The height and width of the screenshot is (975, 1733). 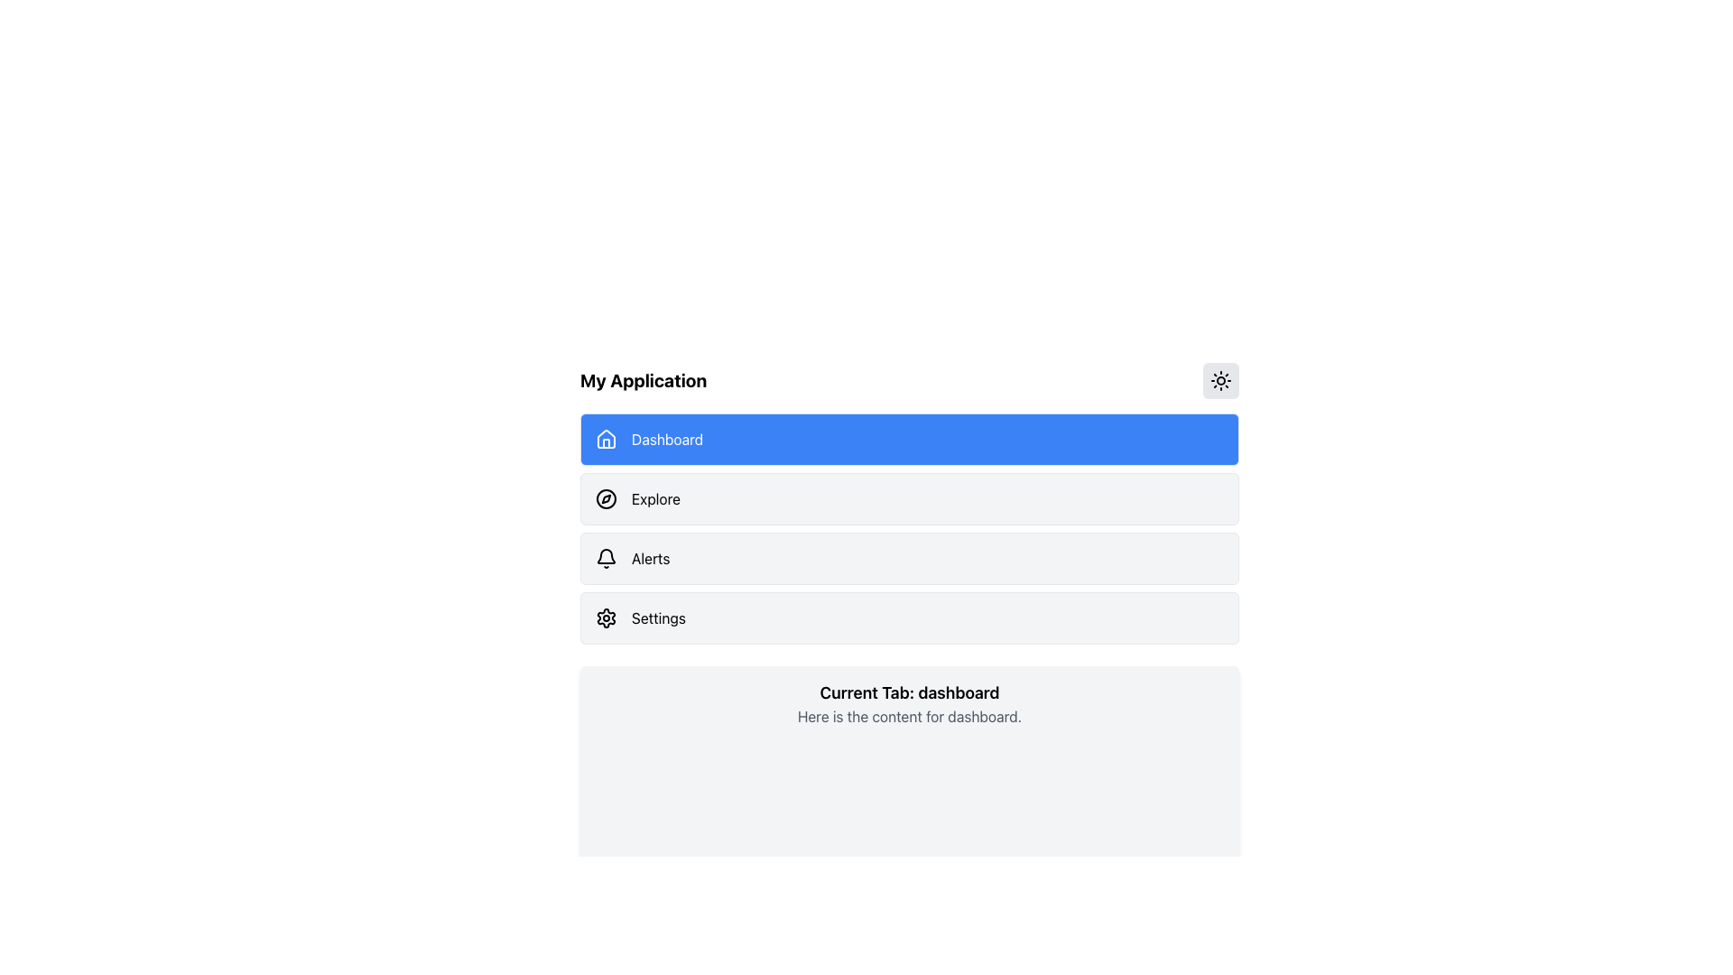 I want to click on circular component of the compass icon located in the second menu option labeled 'Explore', so click(x=607, y=498).